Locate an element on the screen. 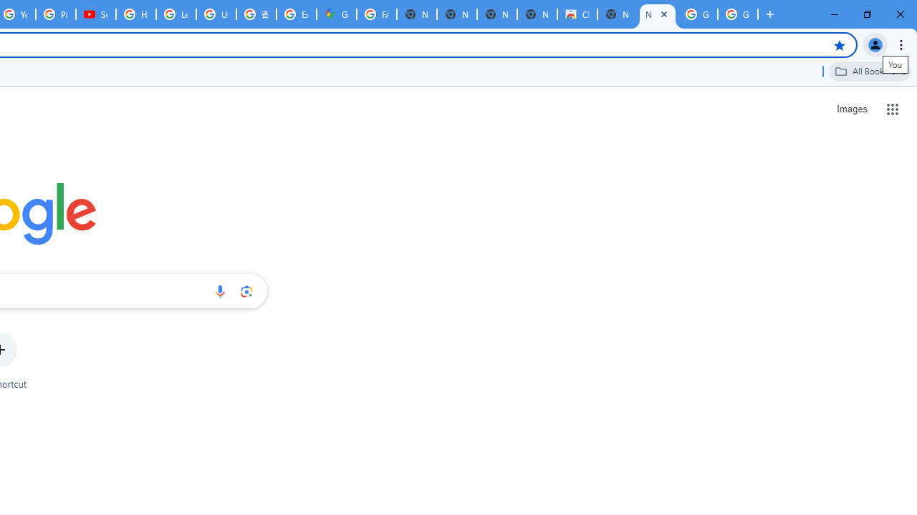  'Chrome Web Store' is located at coordinates (577, 14).